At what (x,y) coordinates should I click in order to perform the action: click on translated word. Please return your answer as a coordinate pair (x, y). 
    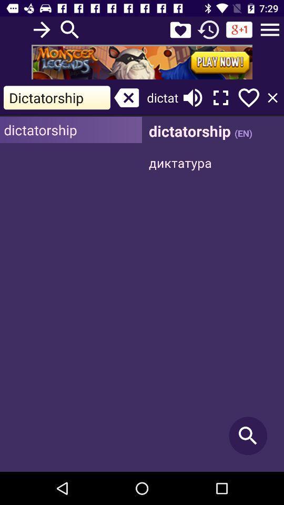
    Looking at the image, I should click on (213, 294).